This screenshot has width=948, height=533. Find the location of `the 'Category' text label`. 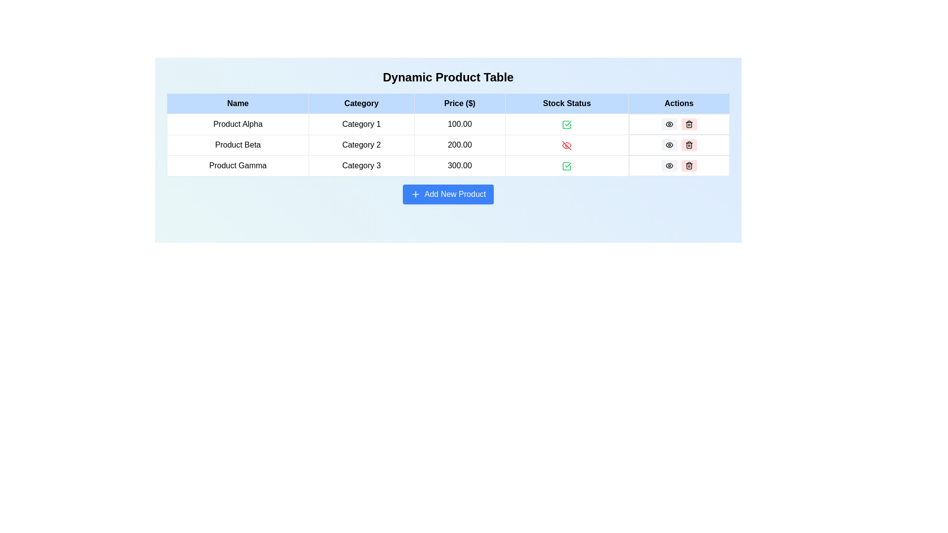

the 'Category' text label is located at coordinates (361, 123).